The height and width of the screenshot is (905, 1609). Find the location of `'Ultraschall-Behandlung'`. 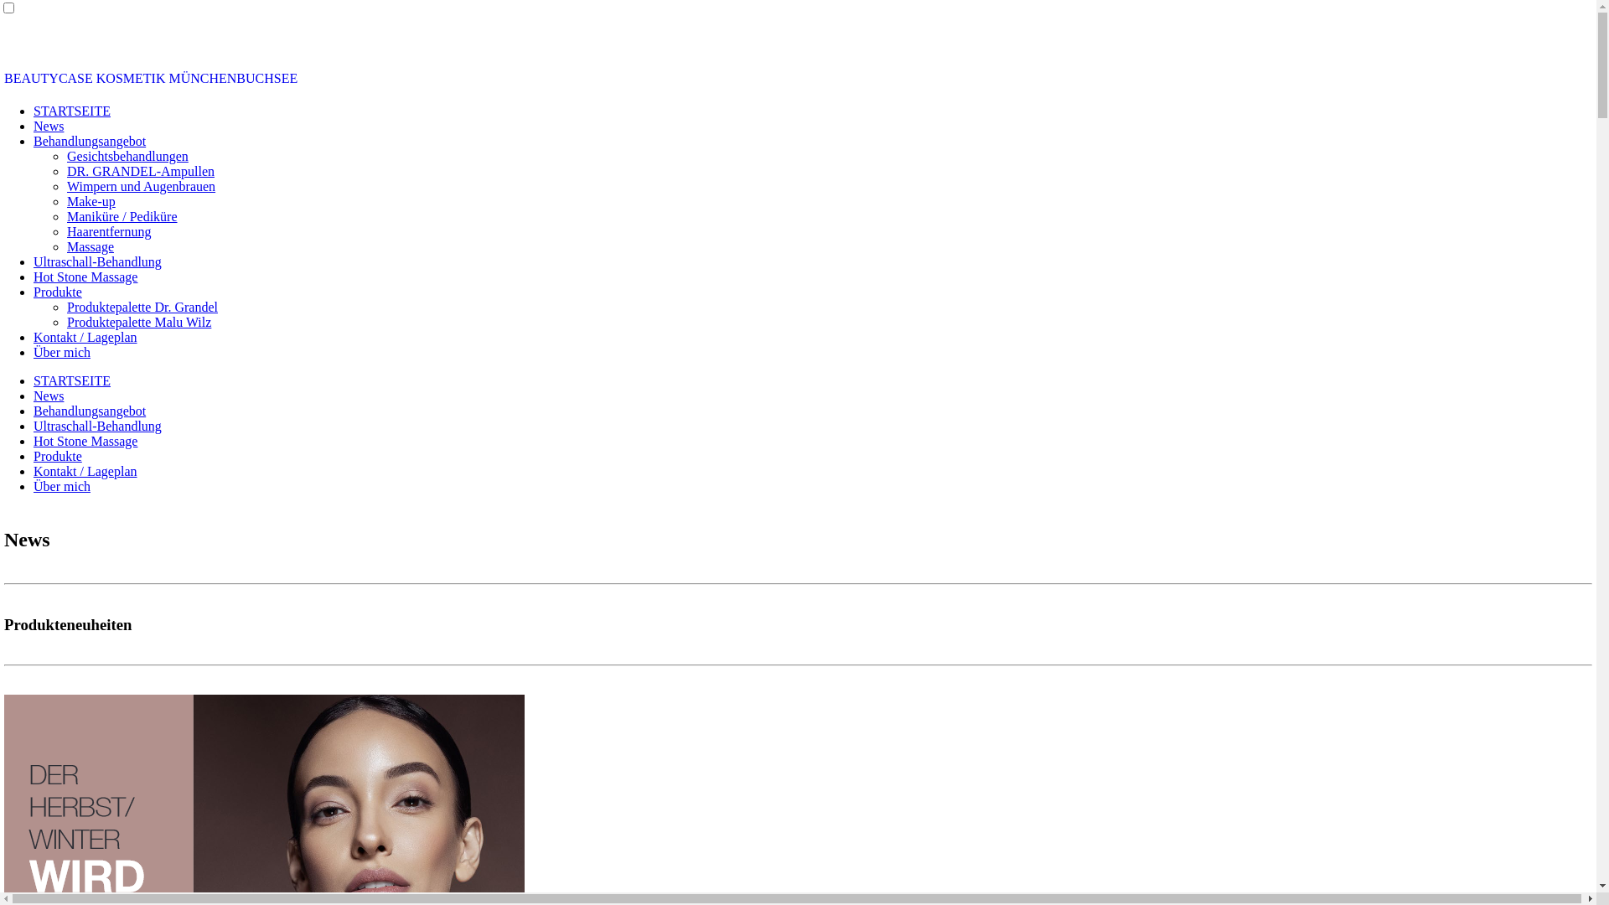

'Ultraschall-Behandlung' is located at coordinates (96, 261).